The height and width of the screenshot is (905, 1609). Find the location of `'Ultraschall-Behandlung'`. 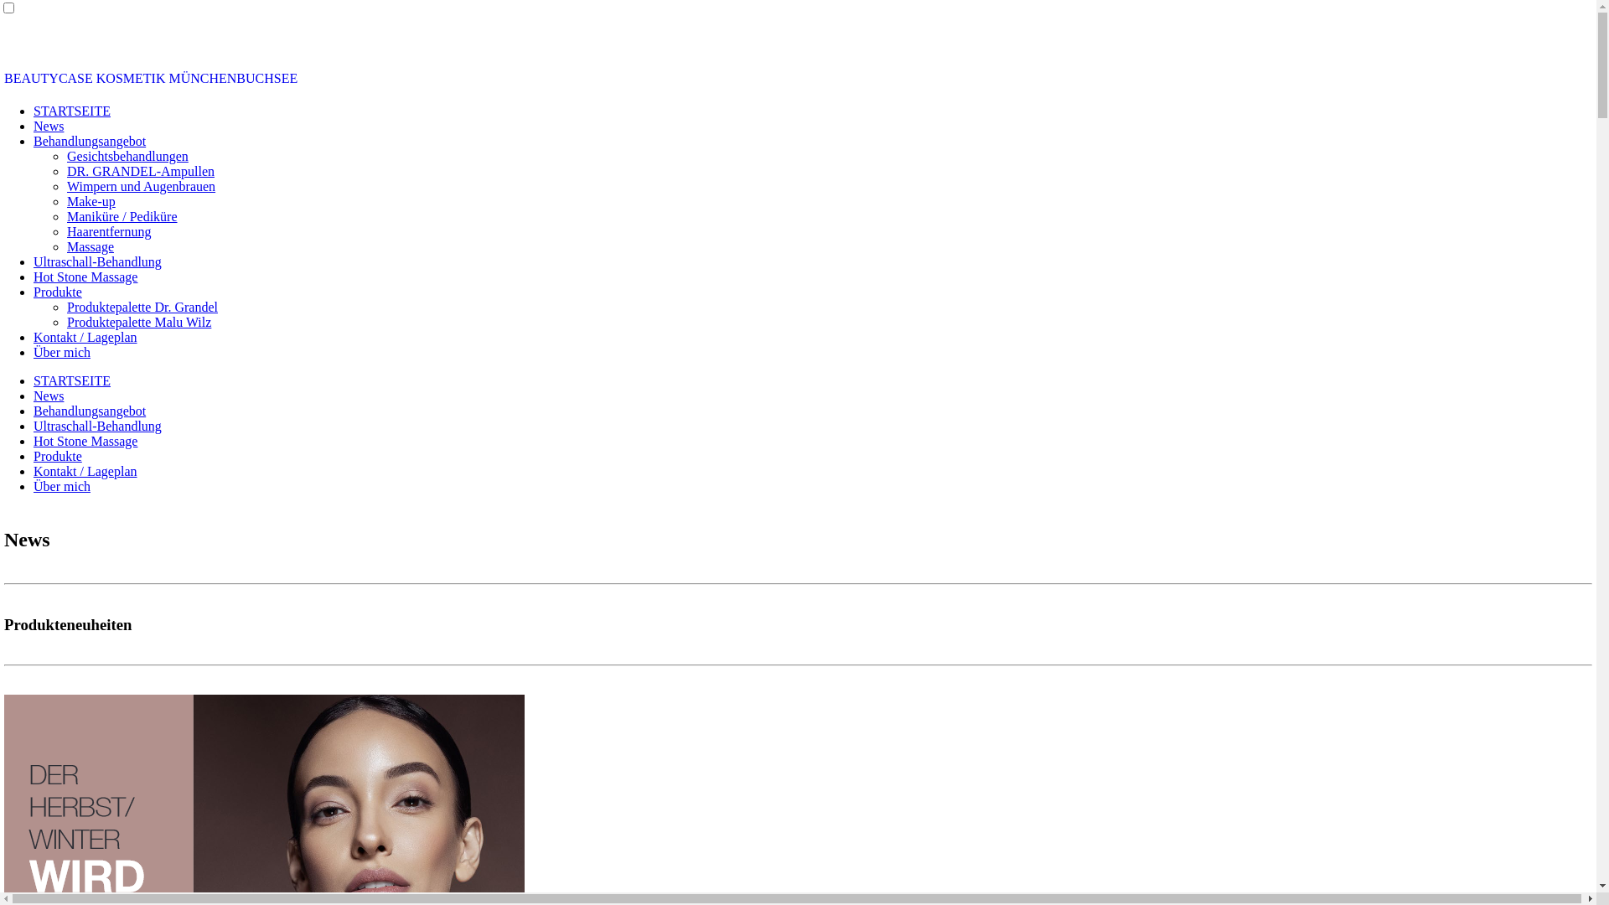

'Ultraschall-Behandlung' is located at coordinates (96, 261).